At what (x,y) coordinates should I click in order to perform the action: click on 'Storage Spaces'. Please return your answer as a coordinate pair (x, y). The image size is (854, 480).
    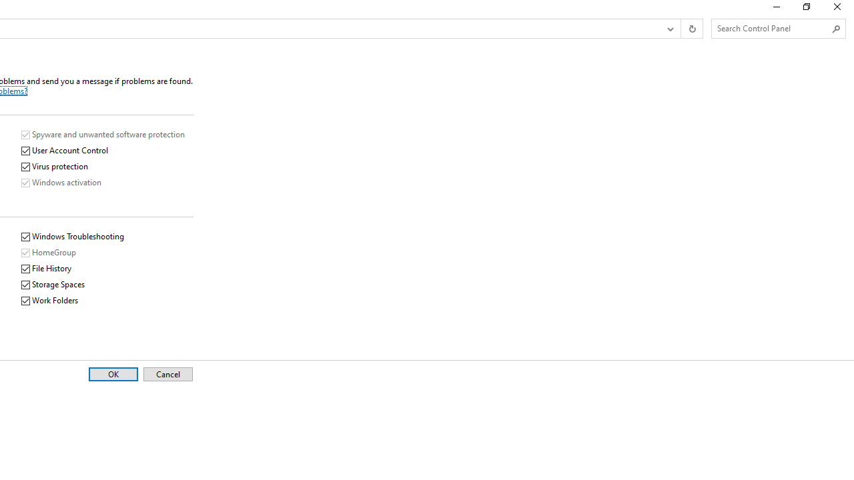
    Looking at the image, I should click on (53, 284).